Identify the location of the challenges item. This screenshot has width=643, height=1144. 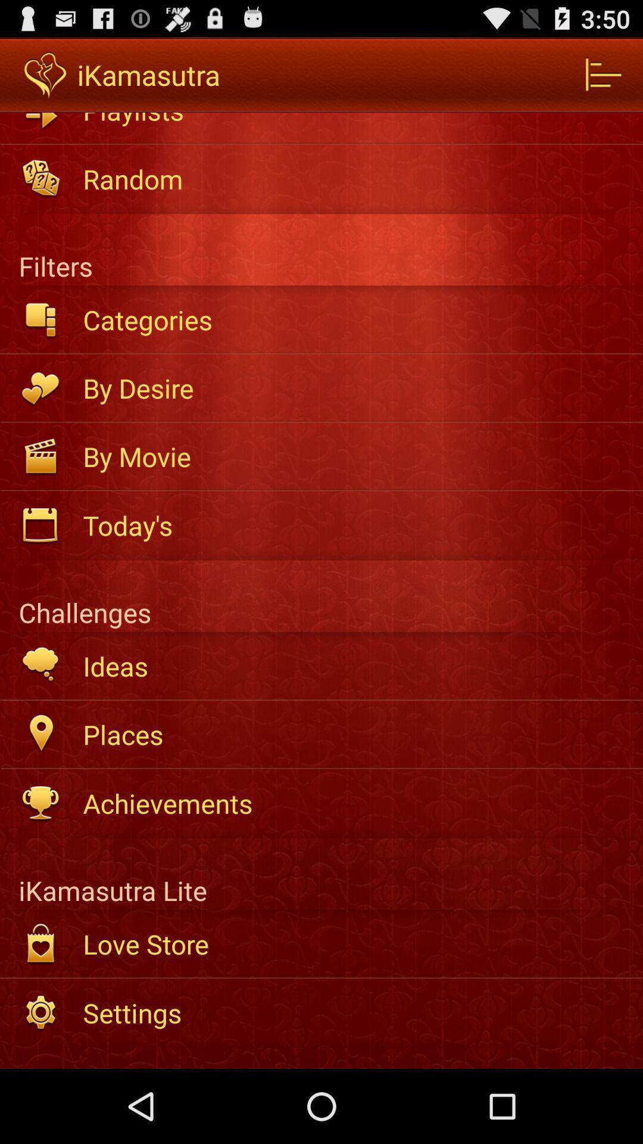
(321, 596).